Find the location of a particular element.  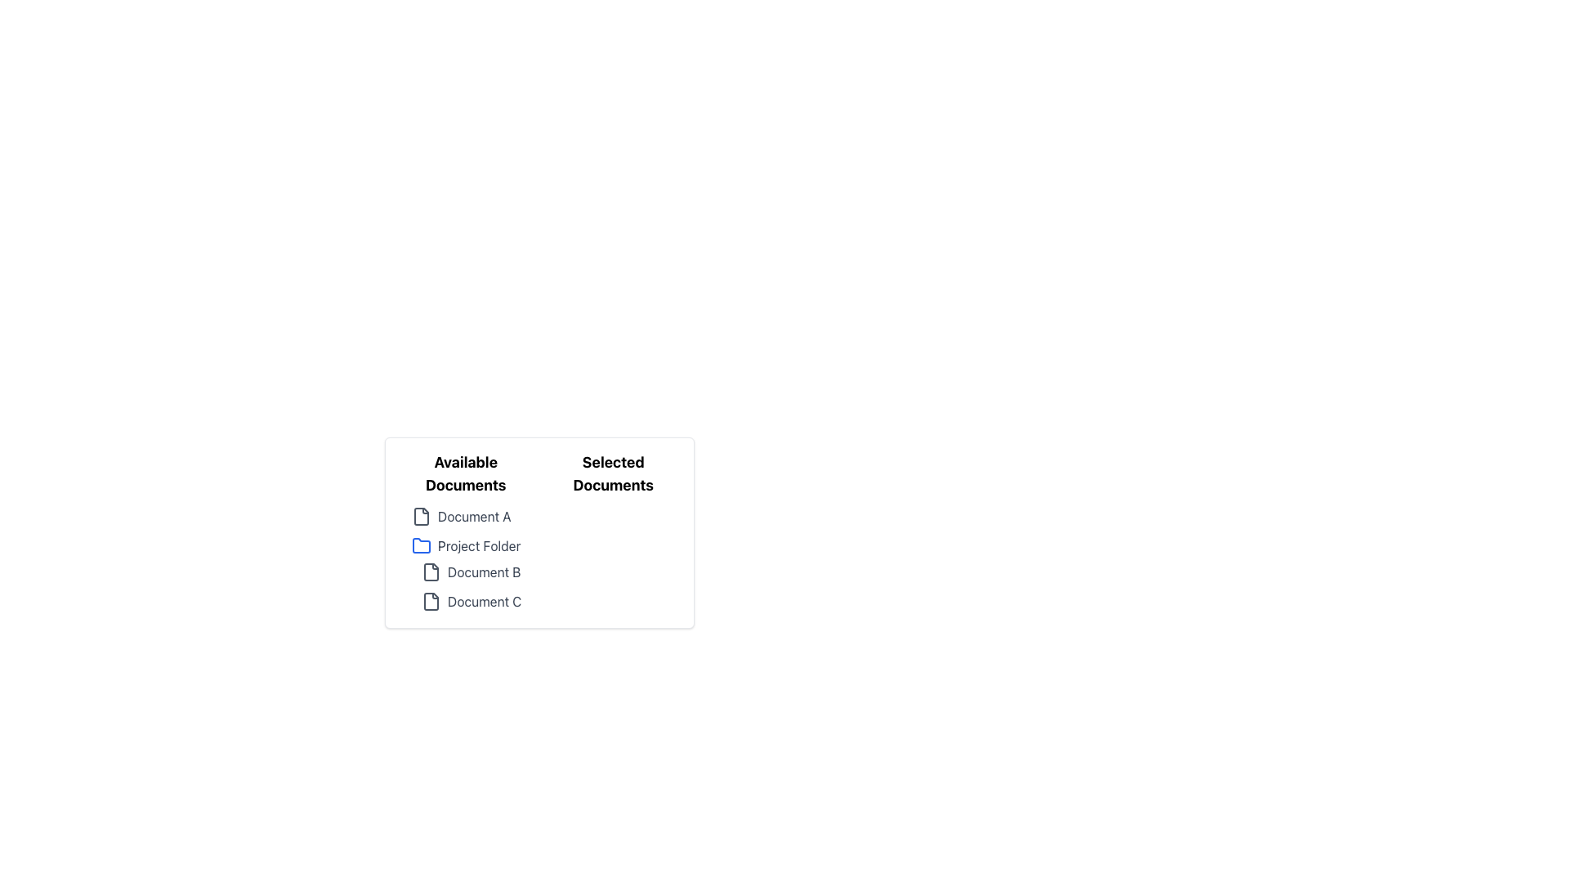

the 'Project Folder' text label, which is styled in gray and positioned as the descriptive text for the second item in the 'Available Documents' section, adjacent to a blue folder icon is located at coordinates (478, 545).